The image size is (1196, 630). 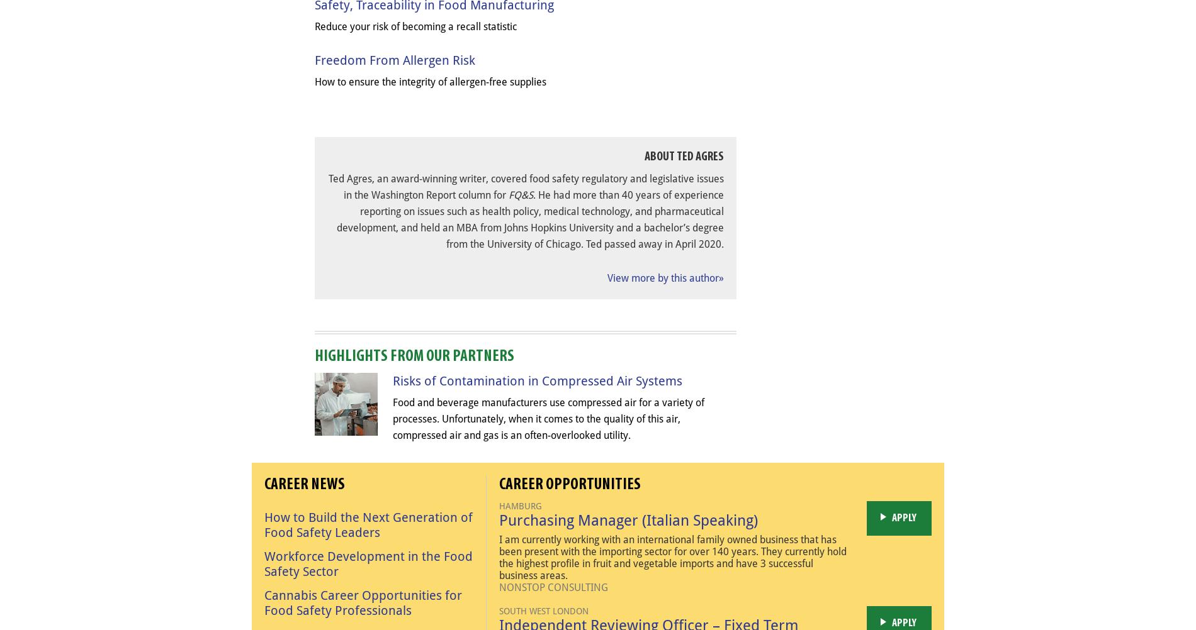 I want to click on 'NonStop Consulting', so click(x=499, y=586).